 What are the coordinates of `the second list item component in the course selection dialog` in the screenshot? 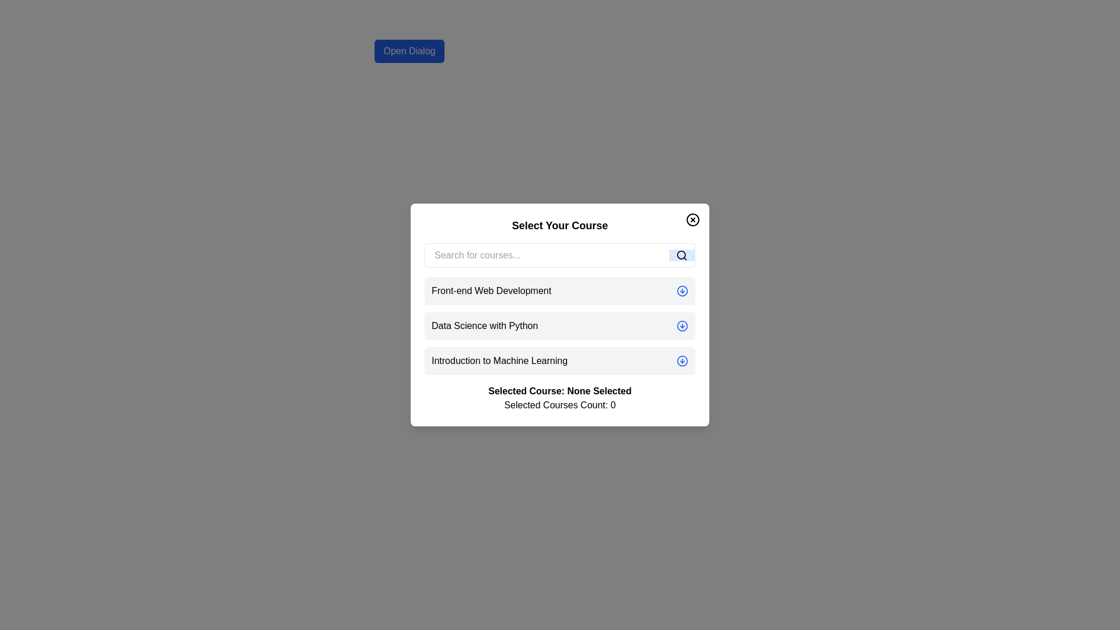 It's located at (560, 315).